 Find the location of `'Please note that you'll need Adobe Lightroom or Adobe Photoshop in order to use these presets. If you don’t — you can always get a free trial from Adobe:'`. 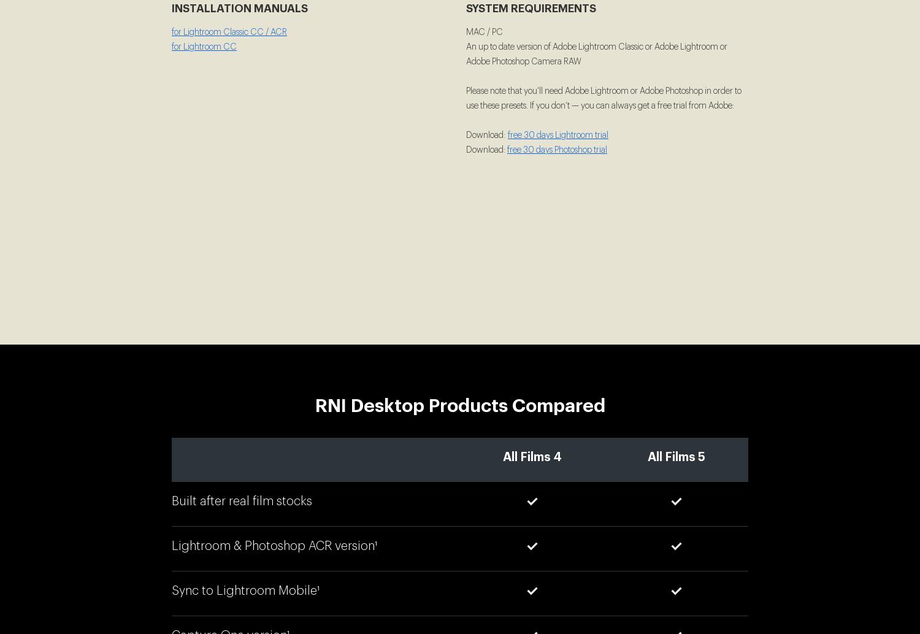

'Please note that you'll need Adobe Lightroom or Adobe Photoshop in order to use these presets. If you don’t — you can always get a free trial from Adobe:' is located at coordinates (603, 98).